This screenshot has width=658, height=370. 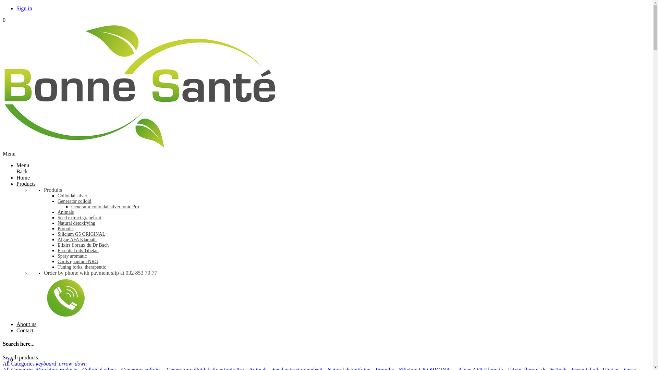 I want to click on 'Silicium G5 ORIGINAL', so click(x=81, y=234).